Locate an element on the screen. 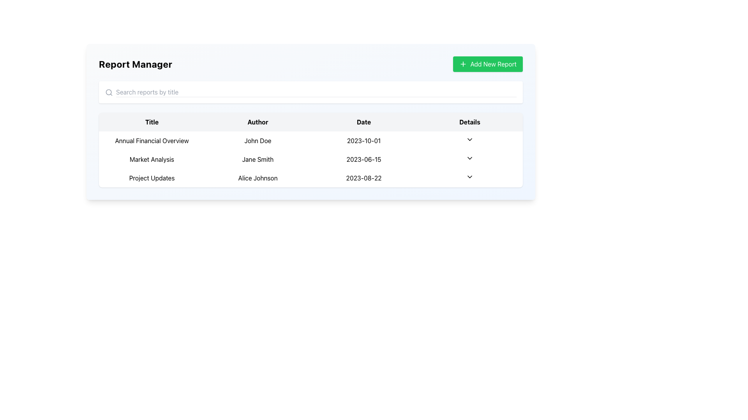  the first column header of the table, which indicates titles of items or entries is located at coordinates (152, 122).